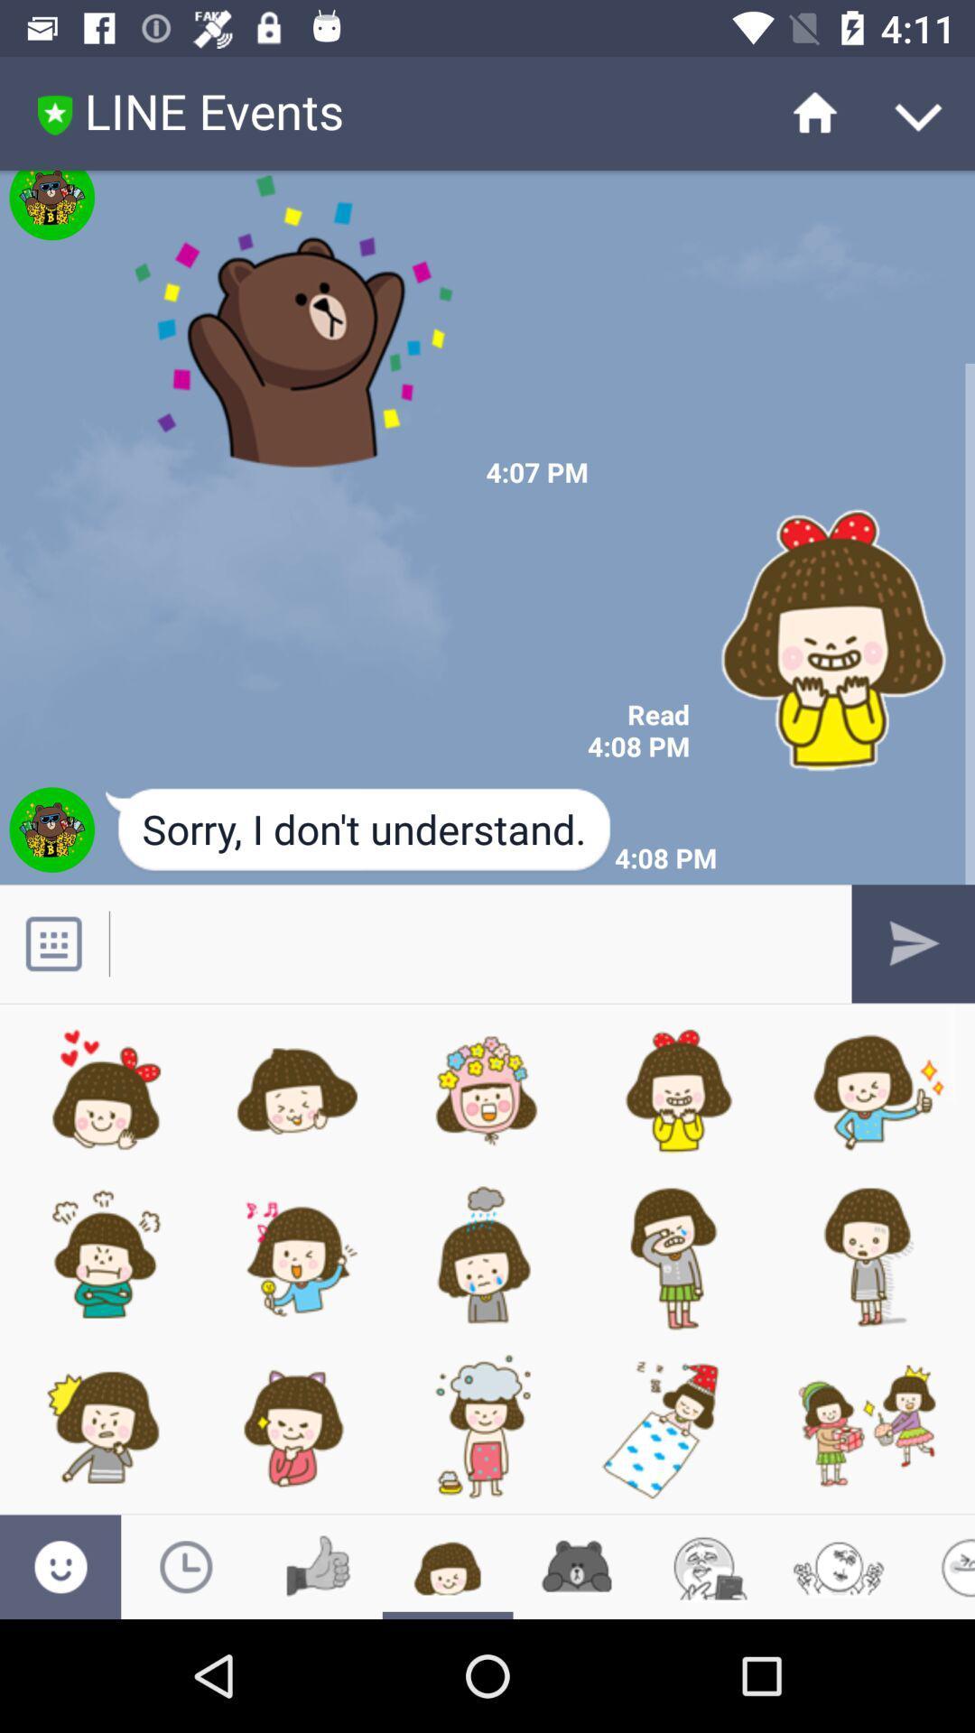 This screenshot has height=1733, width=975. I want to click on type your message, so click(468, 942).